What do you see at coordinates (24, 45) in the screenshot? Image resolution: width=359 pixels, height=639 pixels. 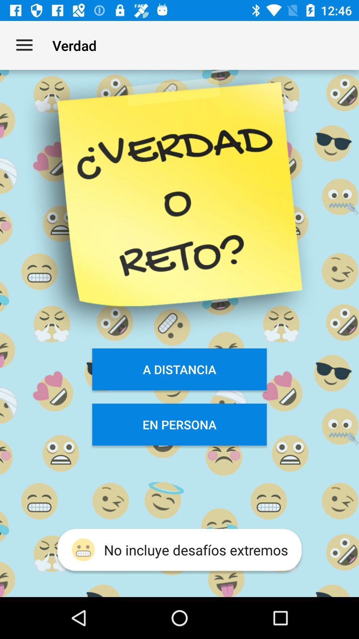 I see `the item to the left of verdad` at bounding box center [24, 45].